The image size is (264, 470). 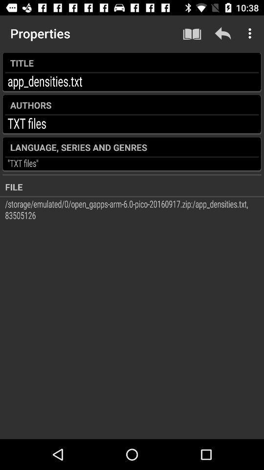 What do you see at coordinates (251, 33) in the screenshot?
I see `the icon above the title icon` at bounding box center [251, 33].